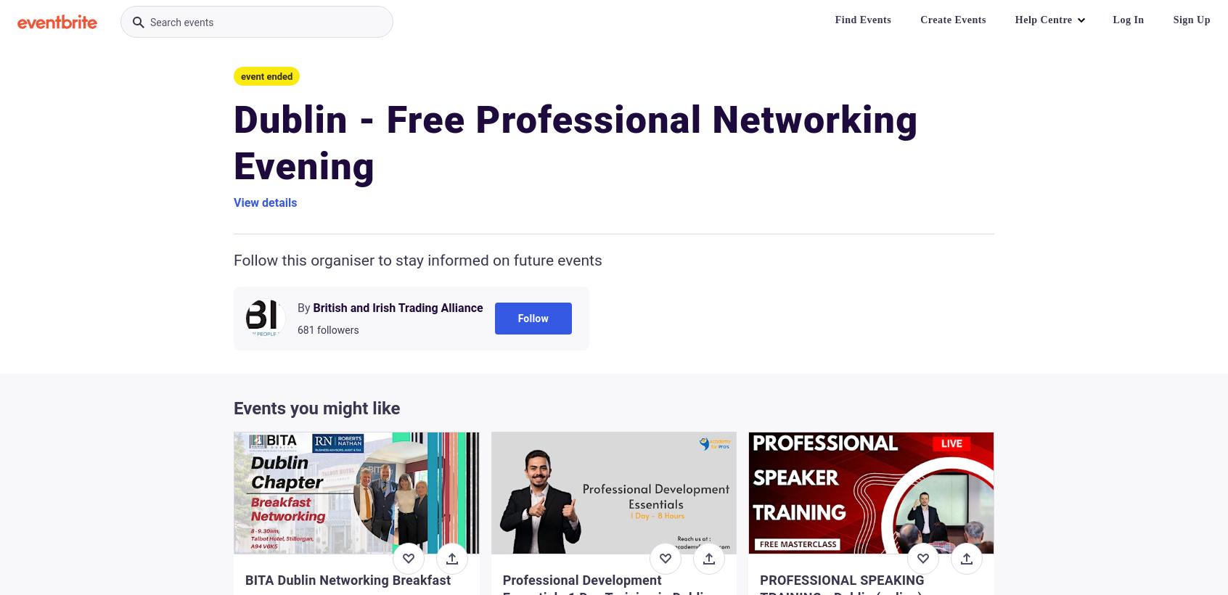 This screenshot has height=595, width=1228. Describe the element at coordinates (303, 307) in the screenshot. I see `'By'` at that location.